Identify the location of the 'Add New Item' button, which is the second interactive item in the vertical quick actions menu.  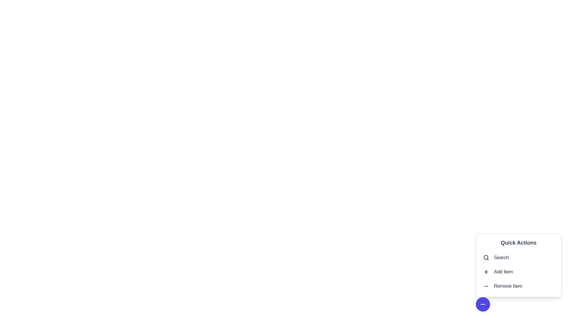
(518, 272).